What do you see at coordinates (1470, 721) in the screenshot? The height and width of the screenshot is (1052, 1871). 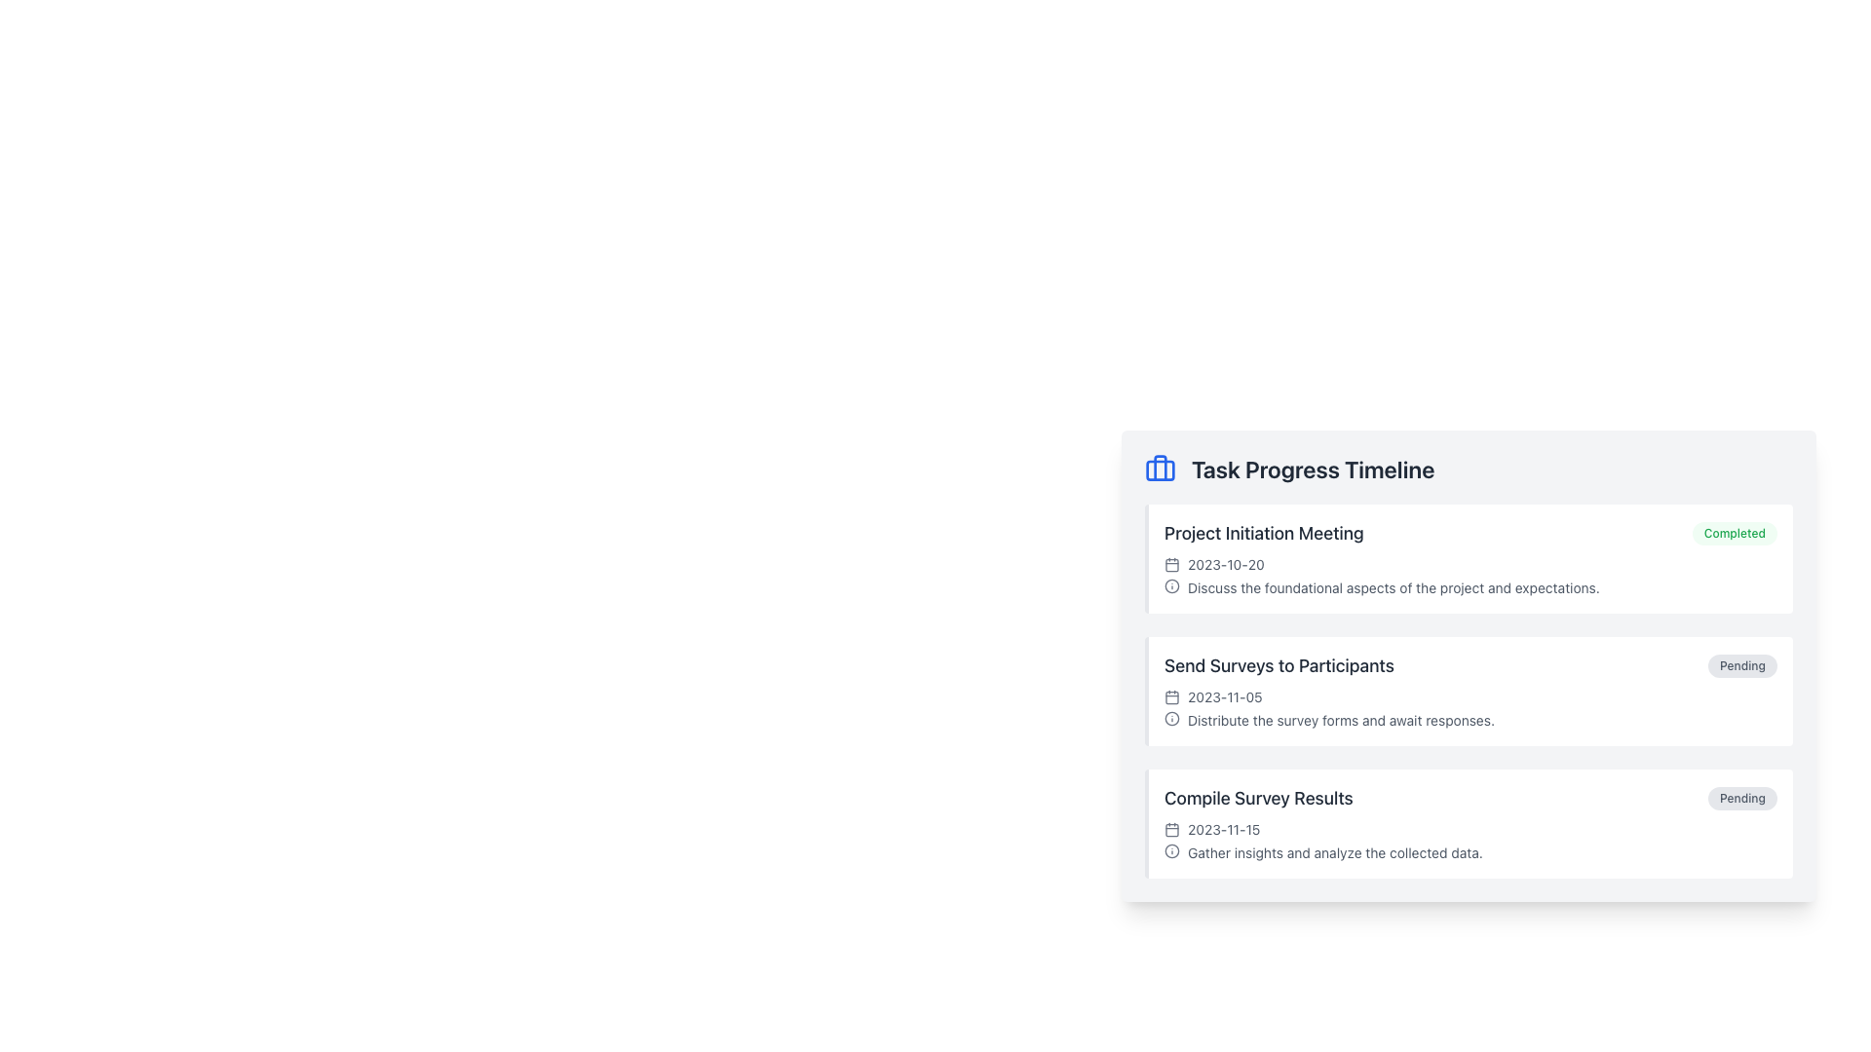 I see `the static text element that states 'Distribute the survey forms and await responses.' located in the 'Send Surveys to Participants' section, next to the gray informational circular icon` at bounding box center [1470, 721].